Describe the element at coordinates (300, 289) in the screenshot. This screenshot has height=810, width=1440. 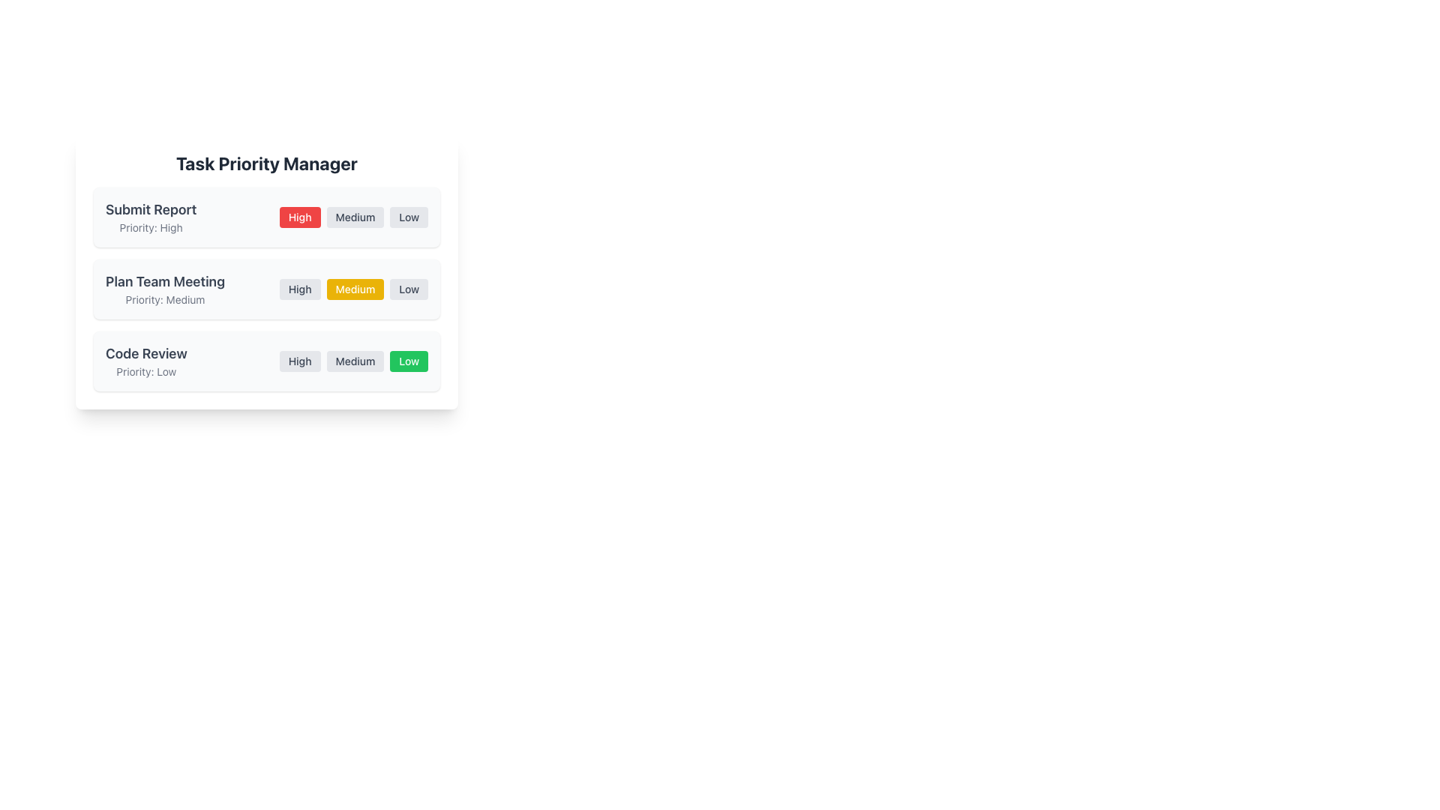
I see `the 'High' priority button located under the 'Plan Team Meeting' label` at that location.